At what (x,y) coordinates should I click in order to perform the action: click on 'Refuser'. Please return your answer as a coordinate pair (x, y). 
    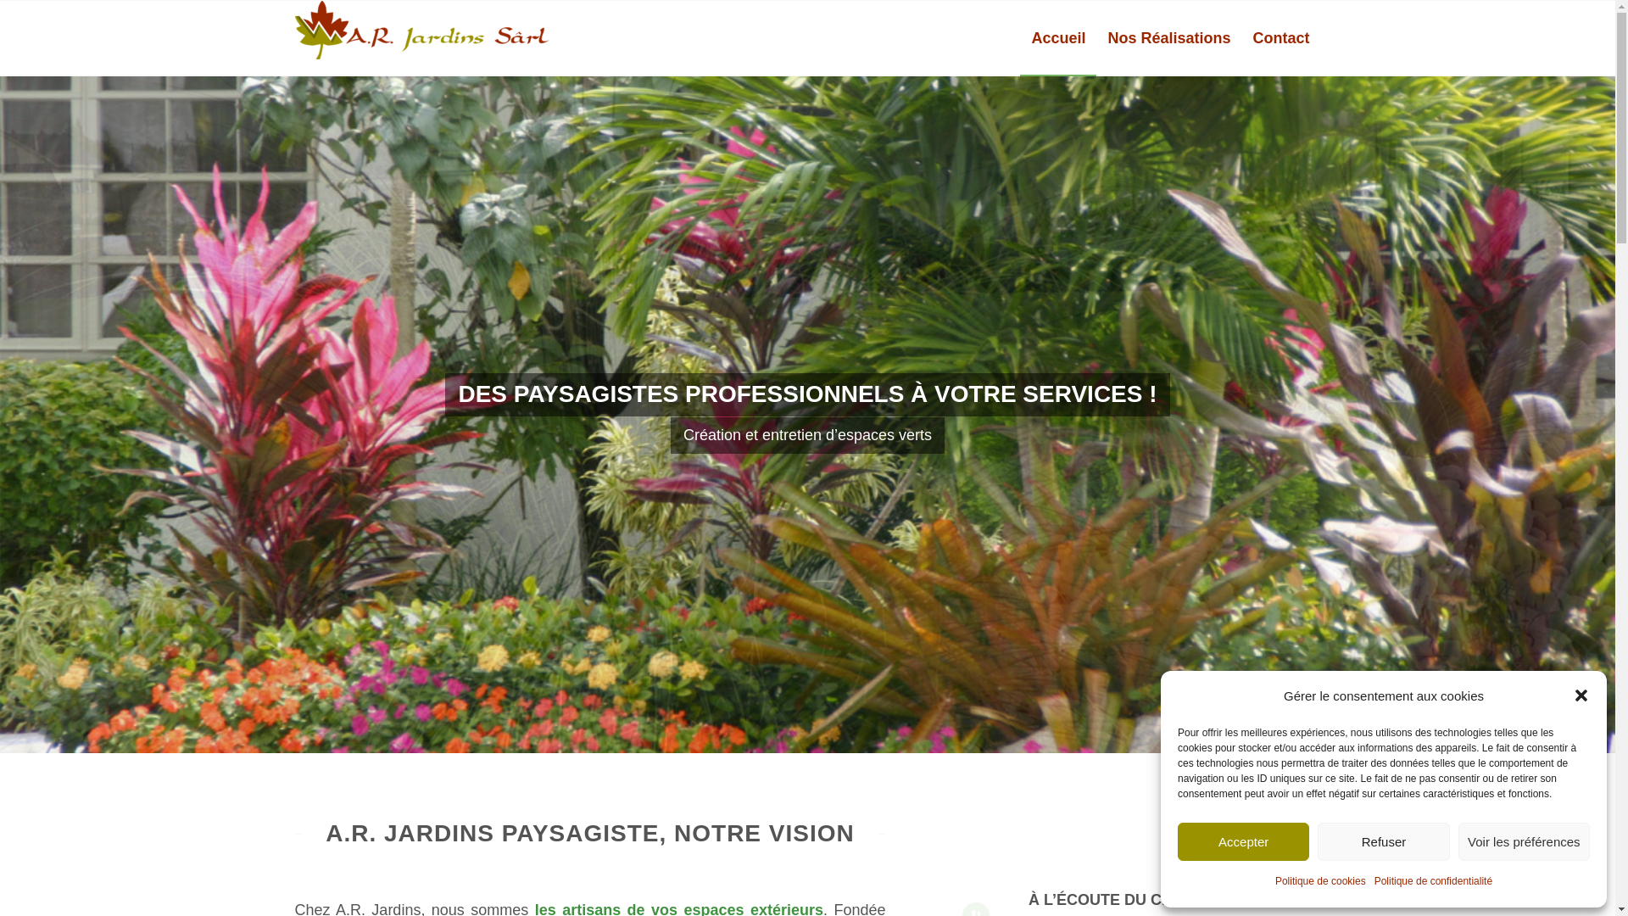
    Looking at the image, I should click on (1317, 841).